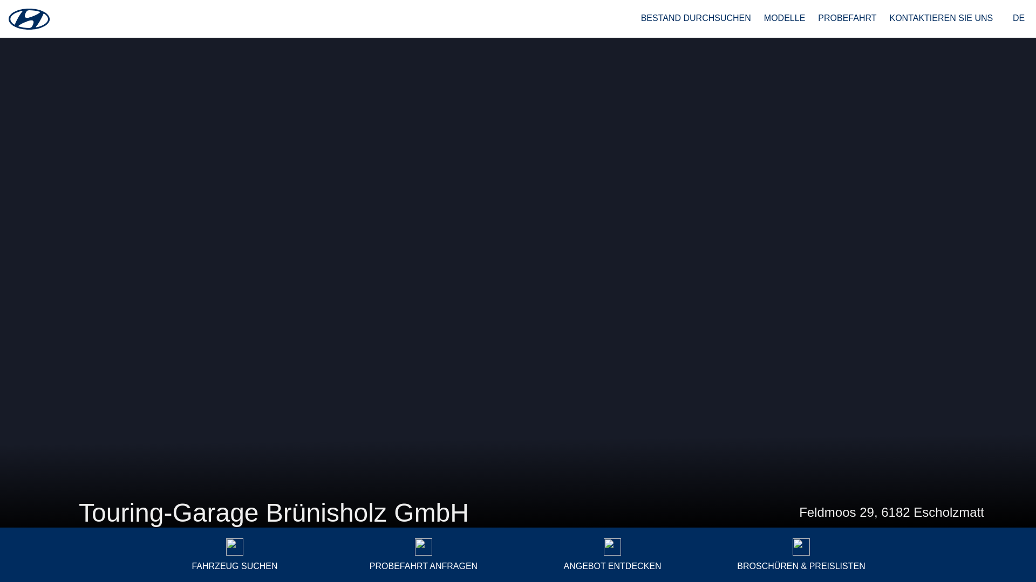  I want to click on 'MODELLE', so click(764, 18).